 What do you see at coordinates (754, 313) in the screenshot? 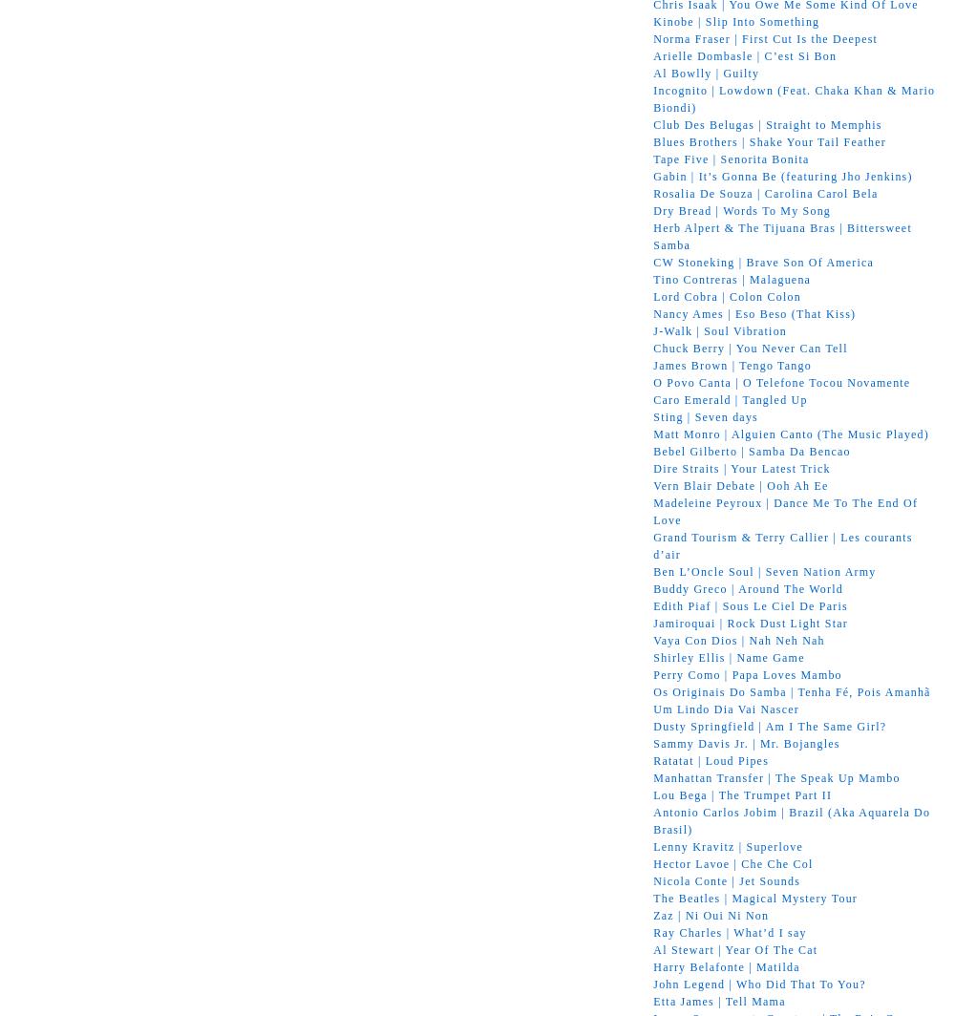
I see `'Nancy Ames | Eso Beso (That Kiss)'` at bounding box center [754, 313].